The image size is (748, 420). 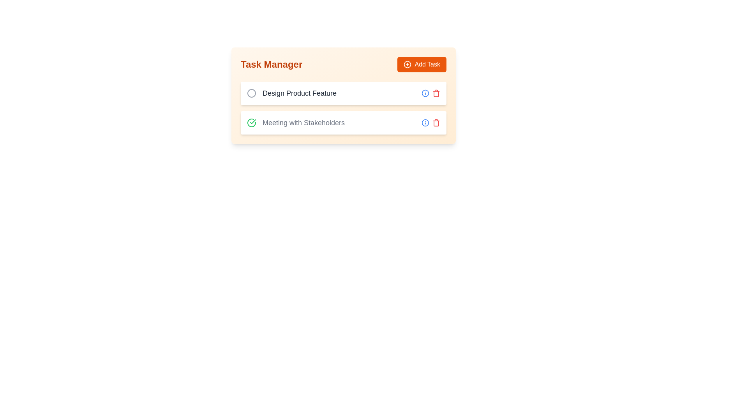 I want to click on the deletion button located as the rightmost element in the second list item of the task list, so click(x=436, y=93).